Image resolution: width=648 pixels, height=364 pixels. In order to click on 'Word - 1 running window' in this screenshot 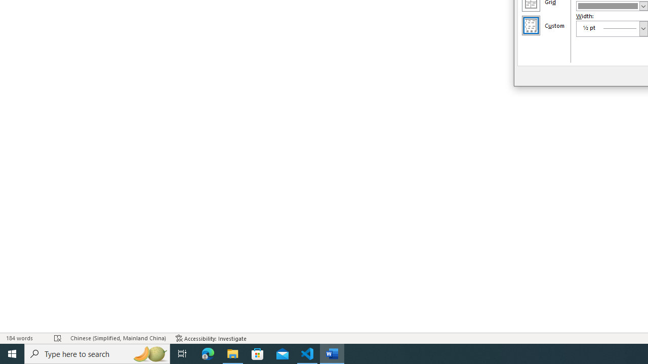, I will do `click(332, 353)`.